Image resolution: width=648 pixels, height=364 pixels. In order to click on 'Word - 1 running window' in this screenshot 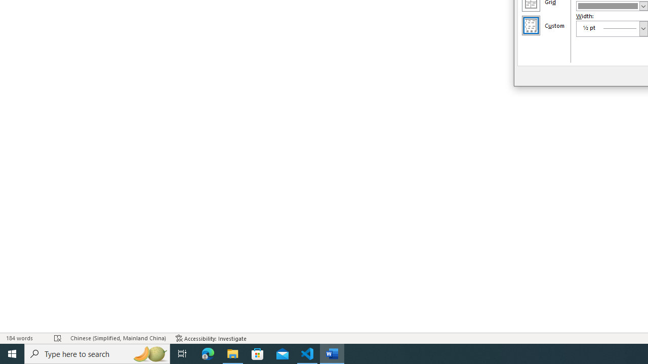, I will do `click(332, 353)`.